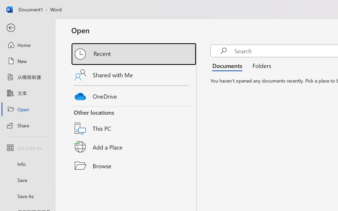  What do you see at coordinates (27, 164) in the screenshot?
I see `'Info'` at bounding box center [27, 164].